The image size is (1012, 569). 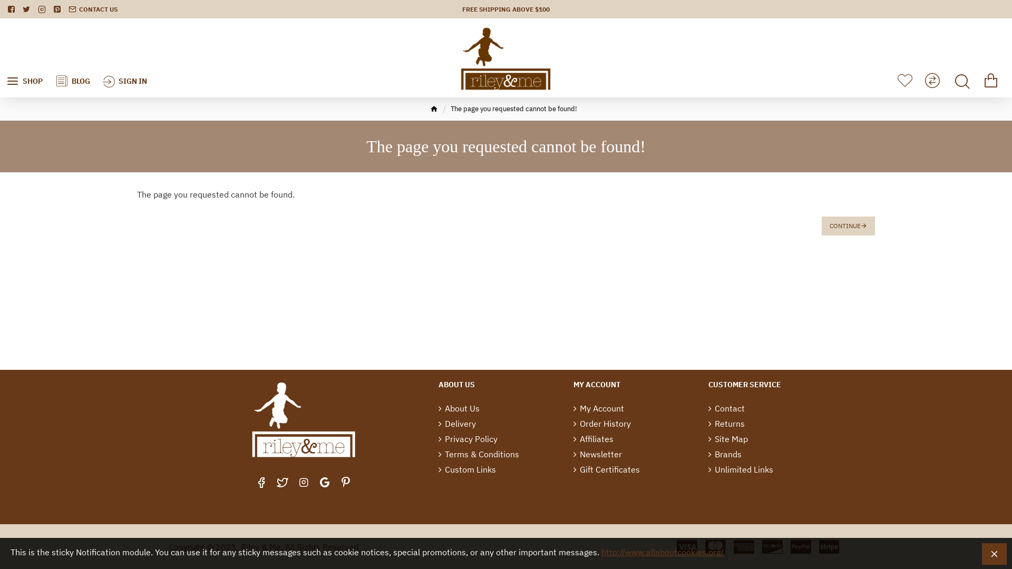 What do you see at coordinates (593, 440) in the screenshot?
I see `'Affiliates'` at bounding box center [593, 440].